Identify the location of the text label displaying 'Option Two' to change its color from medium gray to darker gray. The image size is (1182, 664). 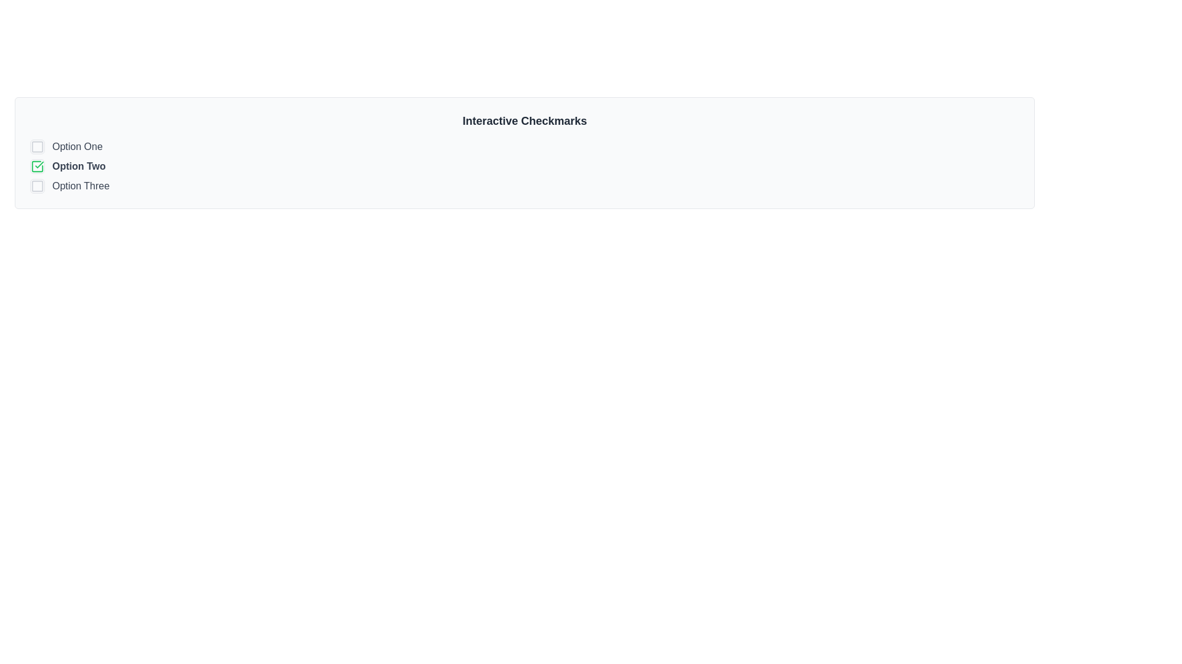
(78, 166).